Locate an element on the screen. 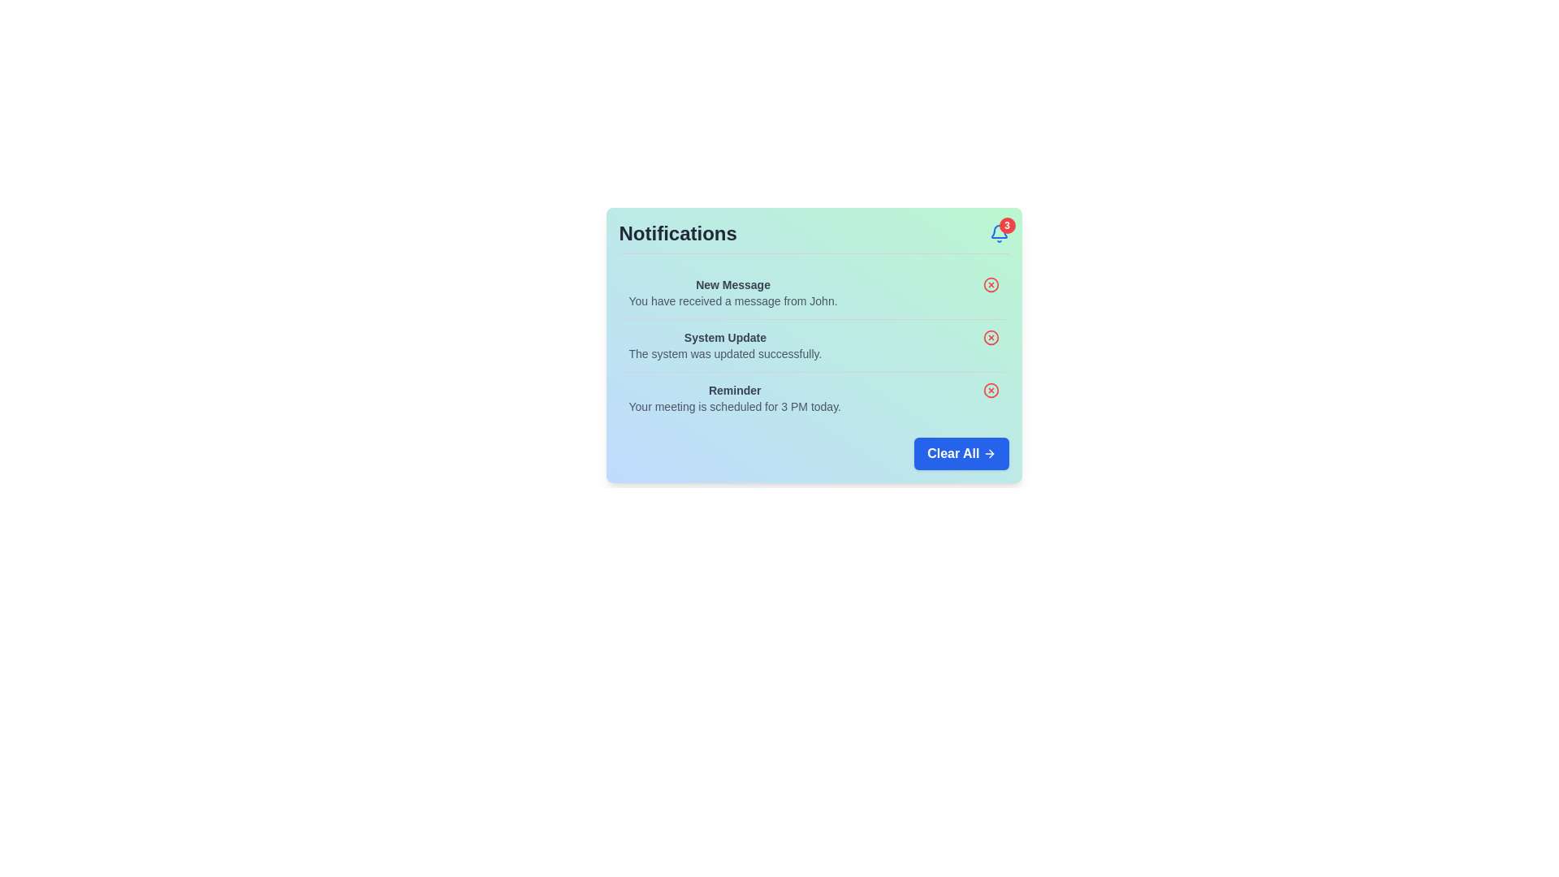 The image size is (1559, 877). the right-pointing arrow icon located inside the blue 'Clear All' button in the bottom-right corner of the notification card is located at coordinates (988, 454).